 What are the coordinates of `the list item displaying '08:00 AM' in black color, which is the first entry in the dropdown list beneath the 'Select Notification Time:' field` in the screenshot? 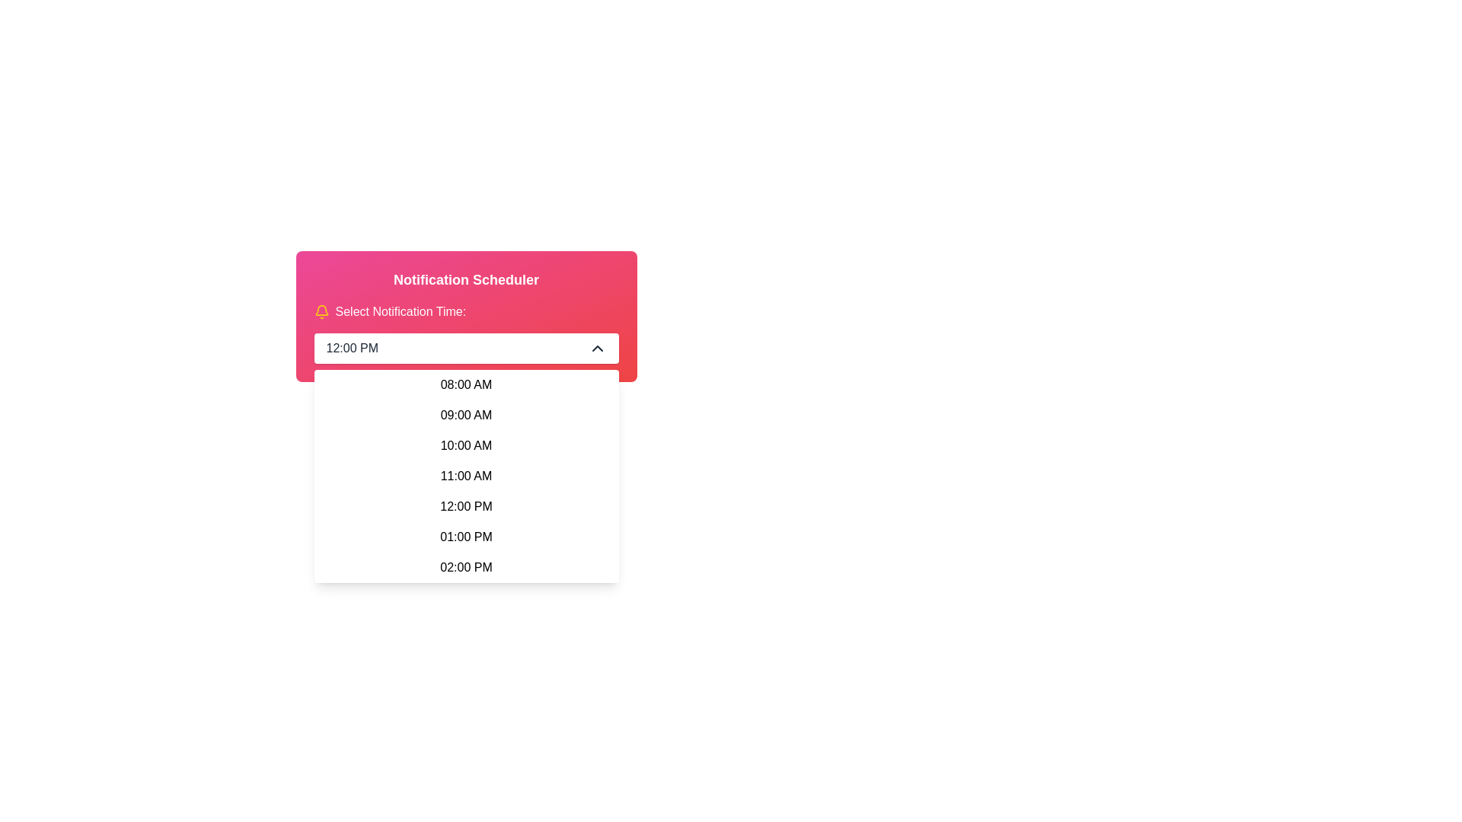 It's located at (465, 384).